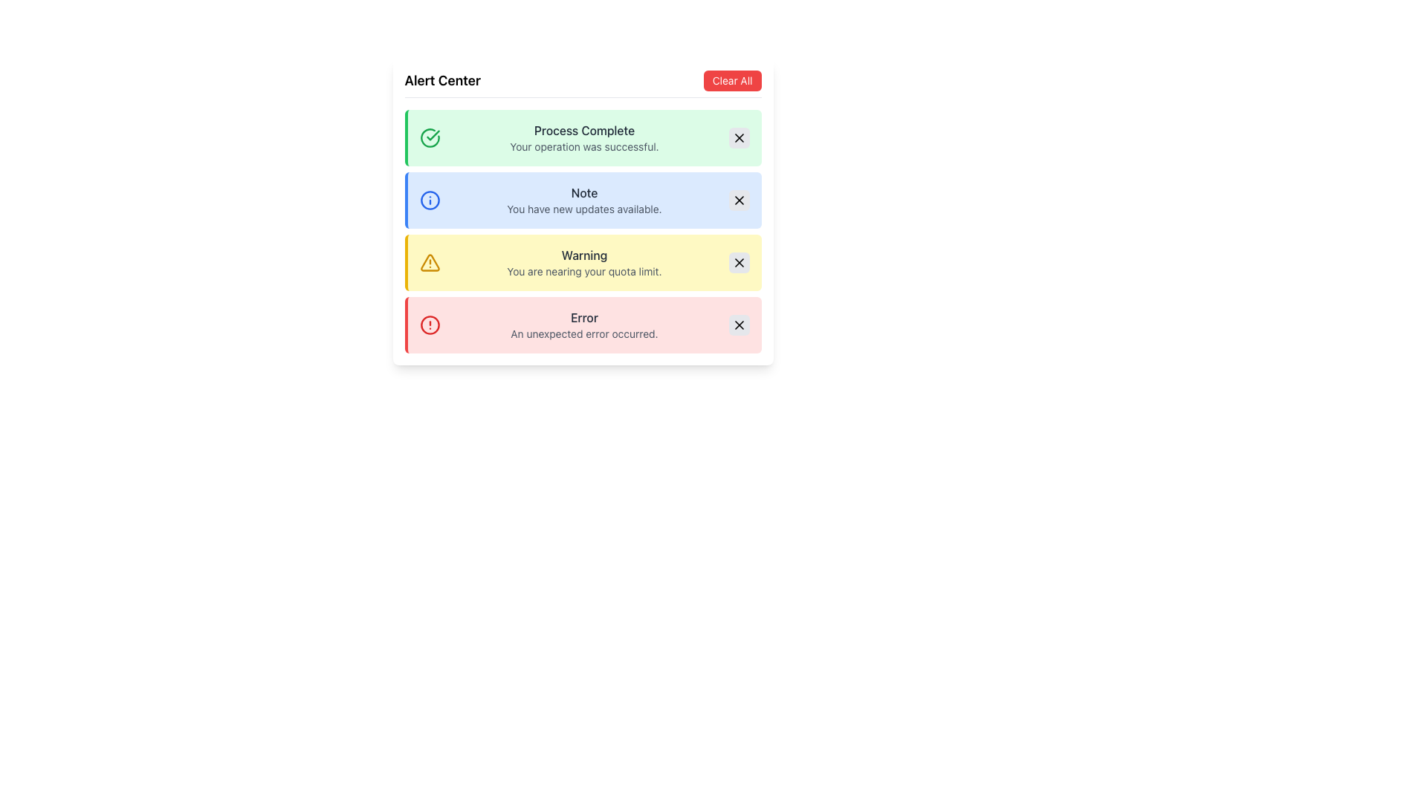  Describe the element at coordinates (429, 200) in the screenshot. I see `'Note' alert icon located at the left of the second alert entry in the alert center to understand its alert type` at that location.